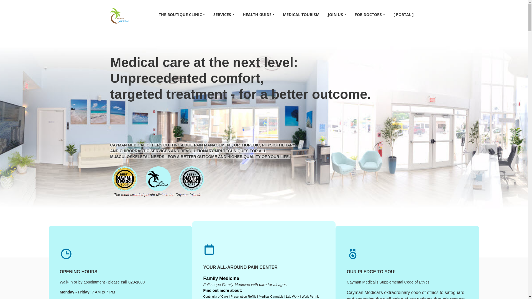 The width and height of the screenshot is (532, 299). What do you see at coordinates (203, 290) in the screenshot?
I see `'Find out more about:'` at bounding box center [203, 290].